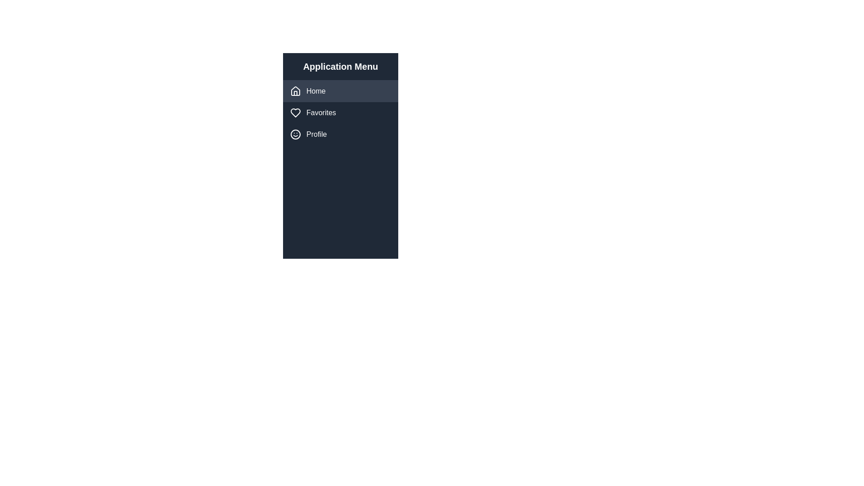 This screenshot has width=864, height=486. Describe the element at coordinates (296, 135) in the screenshot. I see `the Profile menu icon located on the left side of the Profile item in the menu list` at that location.